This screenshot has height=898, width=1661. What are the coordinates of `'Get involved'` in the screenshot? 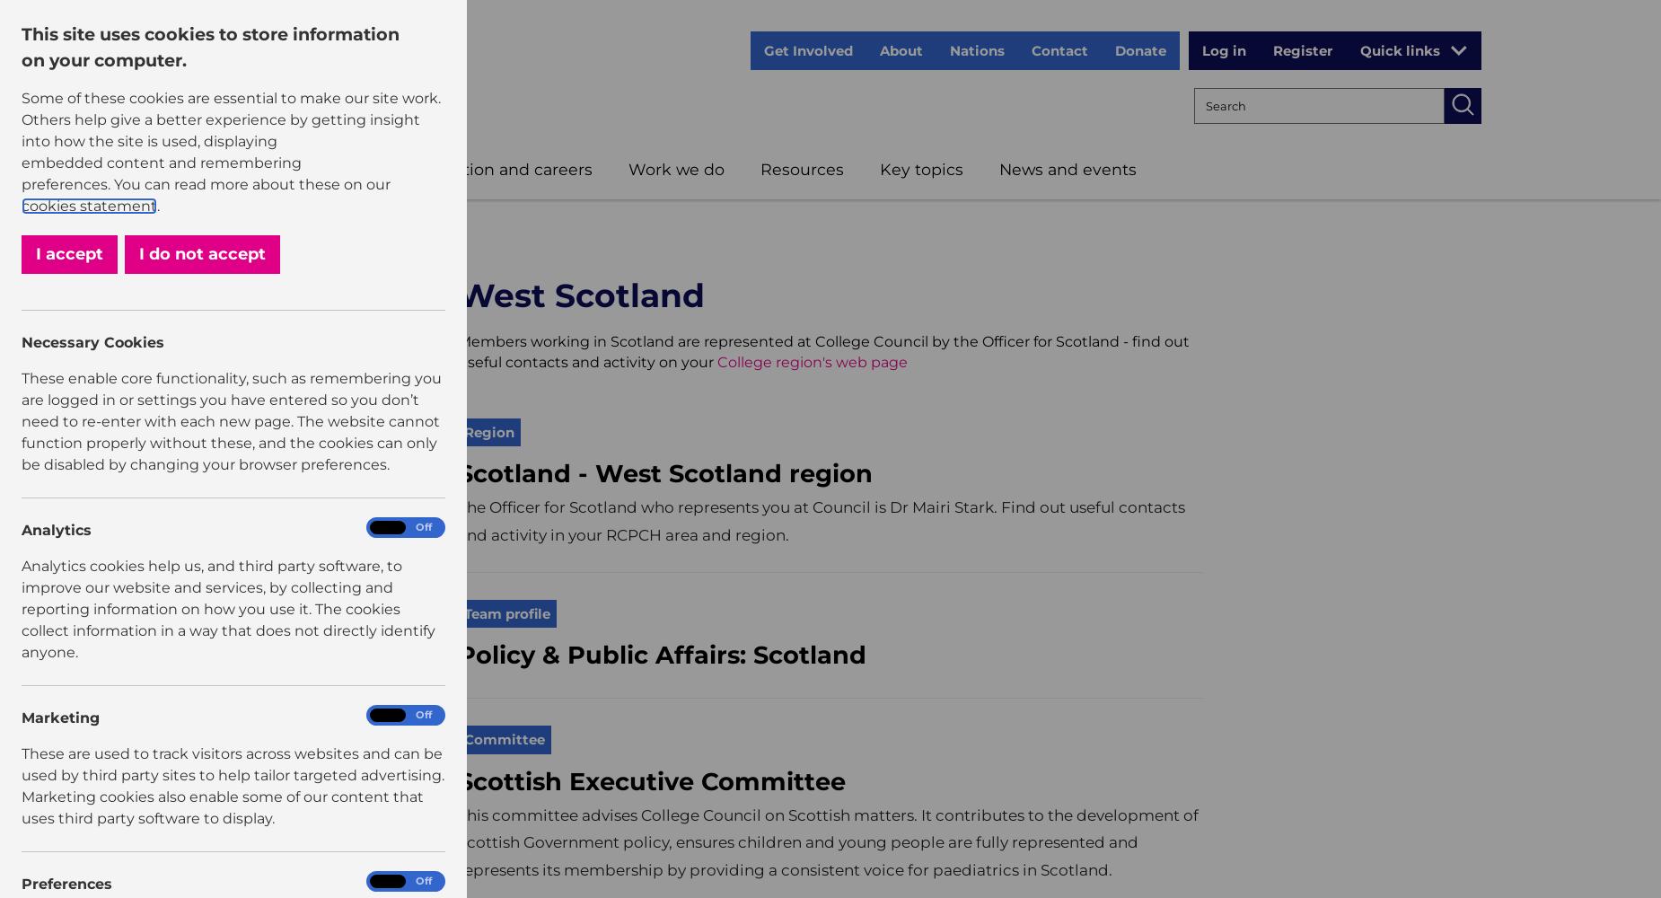 It's located at (808, 50).